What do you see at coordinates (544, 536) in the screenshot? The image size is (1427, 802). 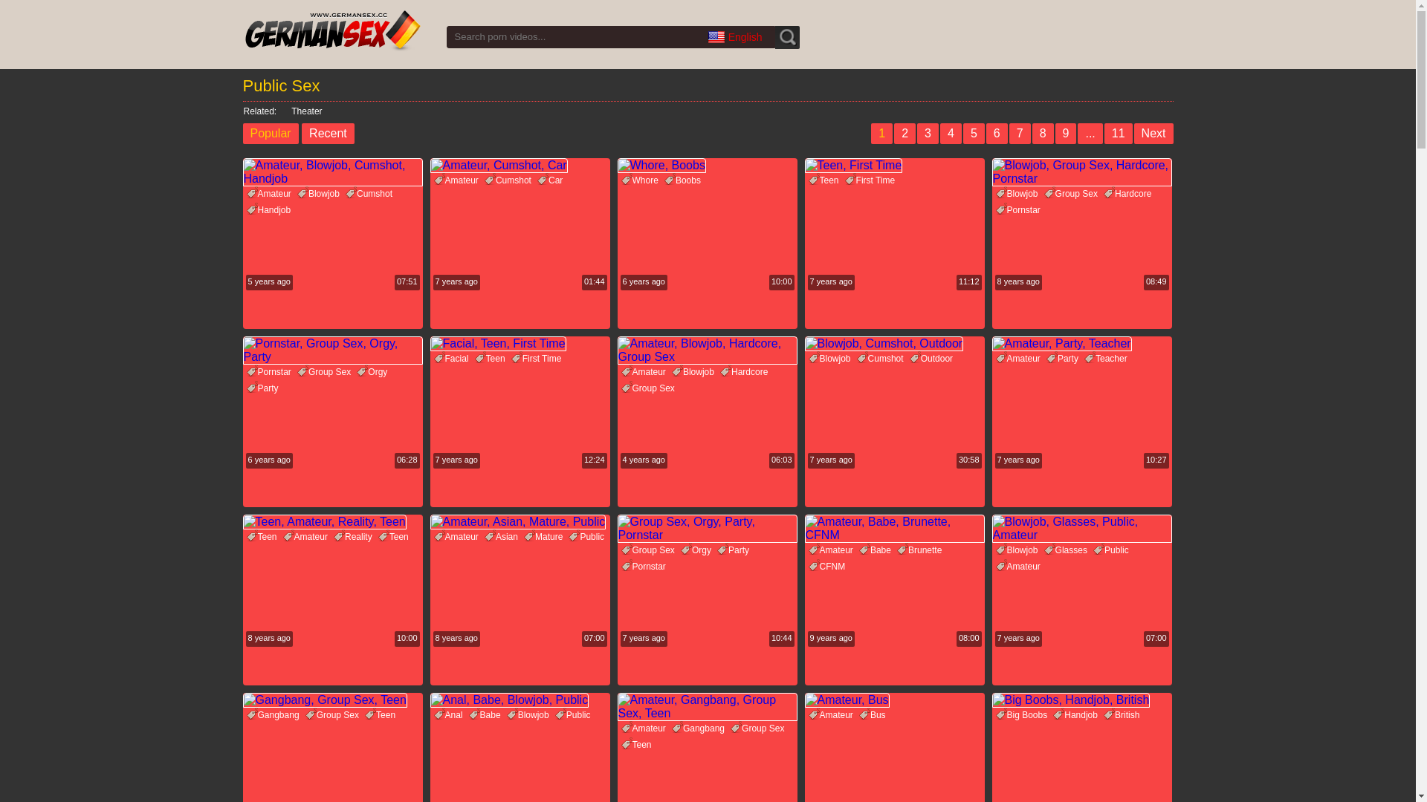 I see `'Mature'` at bounding box center [544, 536].